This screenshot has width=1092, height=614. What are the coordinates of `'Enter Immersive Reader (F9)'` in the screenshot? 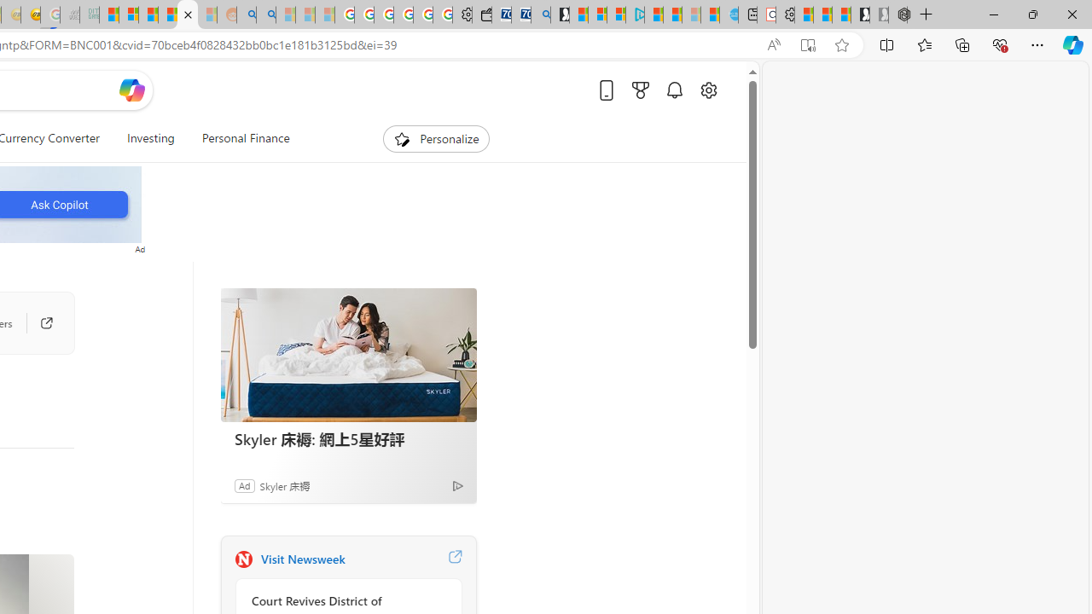 It's located at (806, 44).